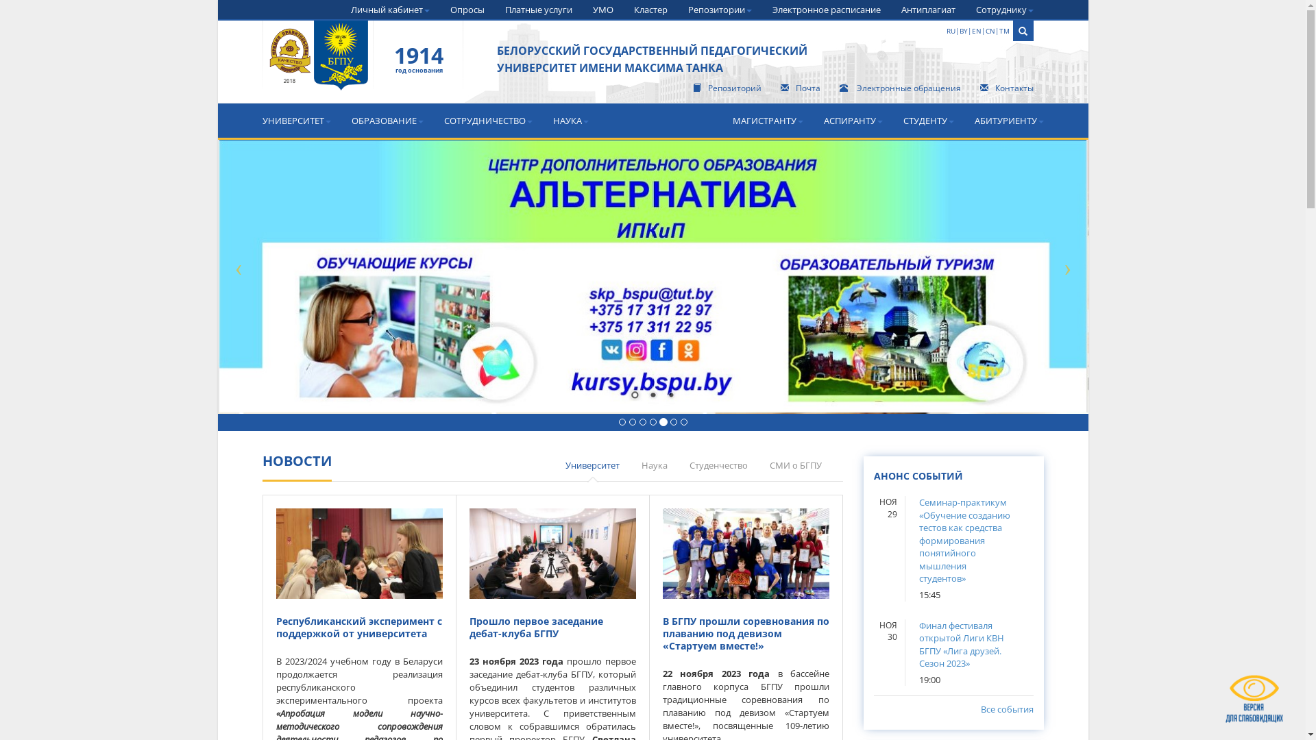 The height and width of the screenshot is (740, 1316). I want to click on 'TM', so click(1004, 31).